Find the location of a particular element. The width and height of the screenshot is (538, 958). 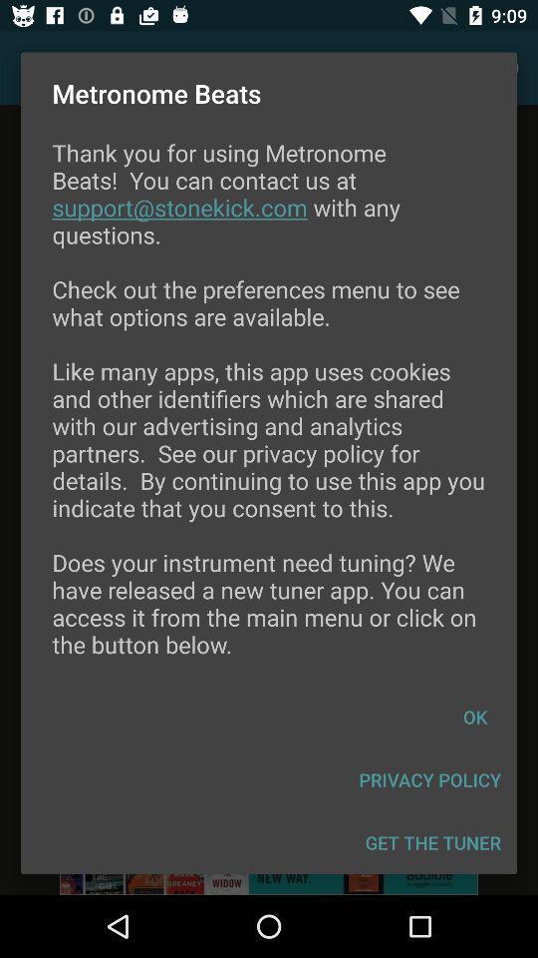

the icon above the ok item is located at coordinates (269, 410).